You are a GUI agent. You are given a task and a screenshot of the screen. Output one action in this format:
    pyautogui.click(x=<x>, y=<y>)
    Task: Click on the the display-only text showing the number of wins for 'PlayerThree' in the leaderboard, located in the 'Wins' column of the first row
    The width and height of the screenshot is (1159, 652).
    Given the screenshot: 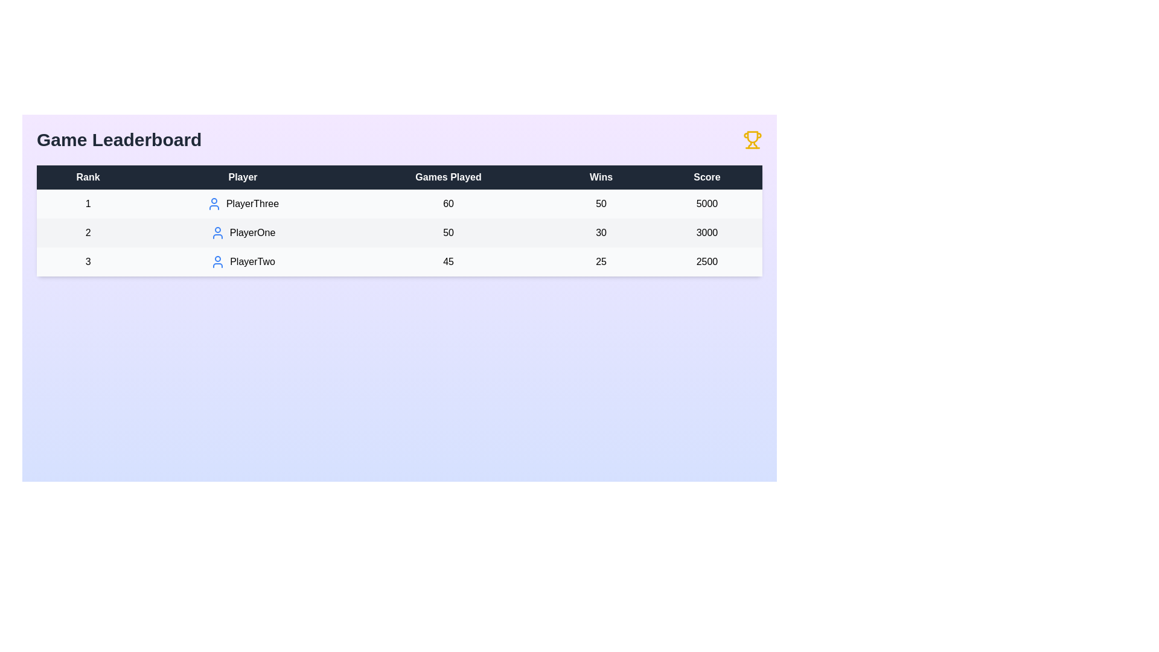 What is the action you would take?
    pyautogui.click(x=601, y=203)
    